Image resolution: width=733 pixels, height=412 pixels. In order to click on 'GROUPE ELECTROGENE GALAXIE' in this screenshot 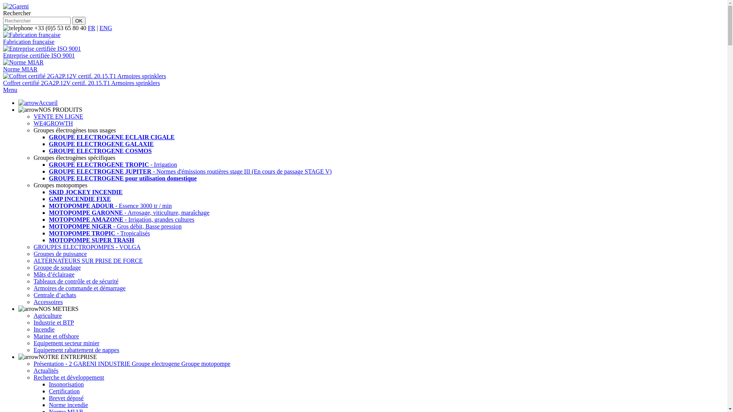, I will do `click(101, 144)`.